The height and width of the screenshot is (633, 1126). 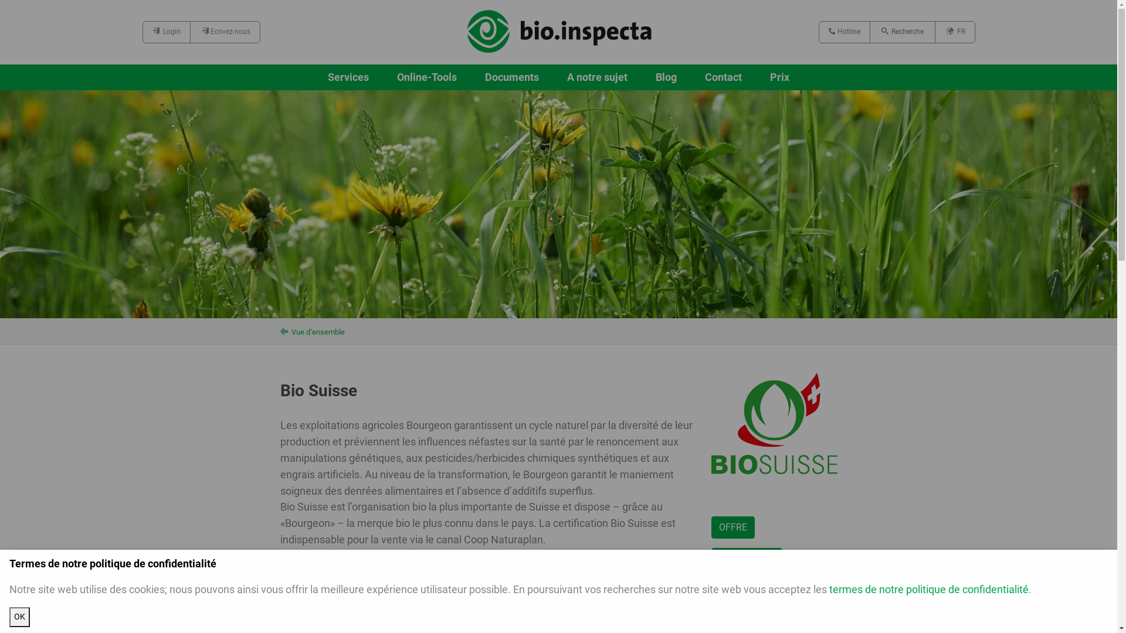 I want to click on 'Documents', so click(x=484, y=77).